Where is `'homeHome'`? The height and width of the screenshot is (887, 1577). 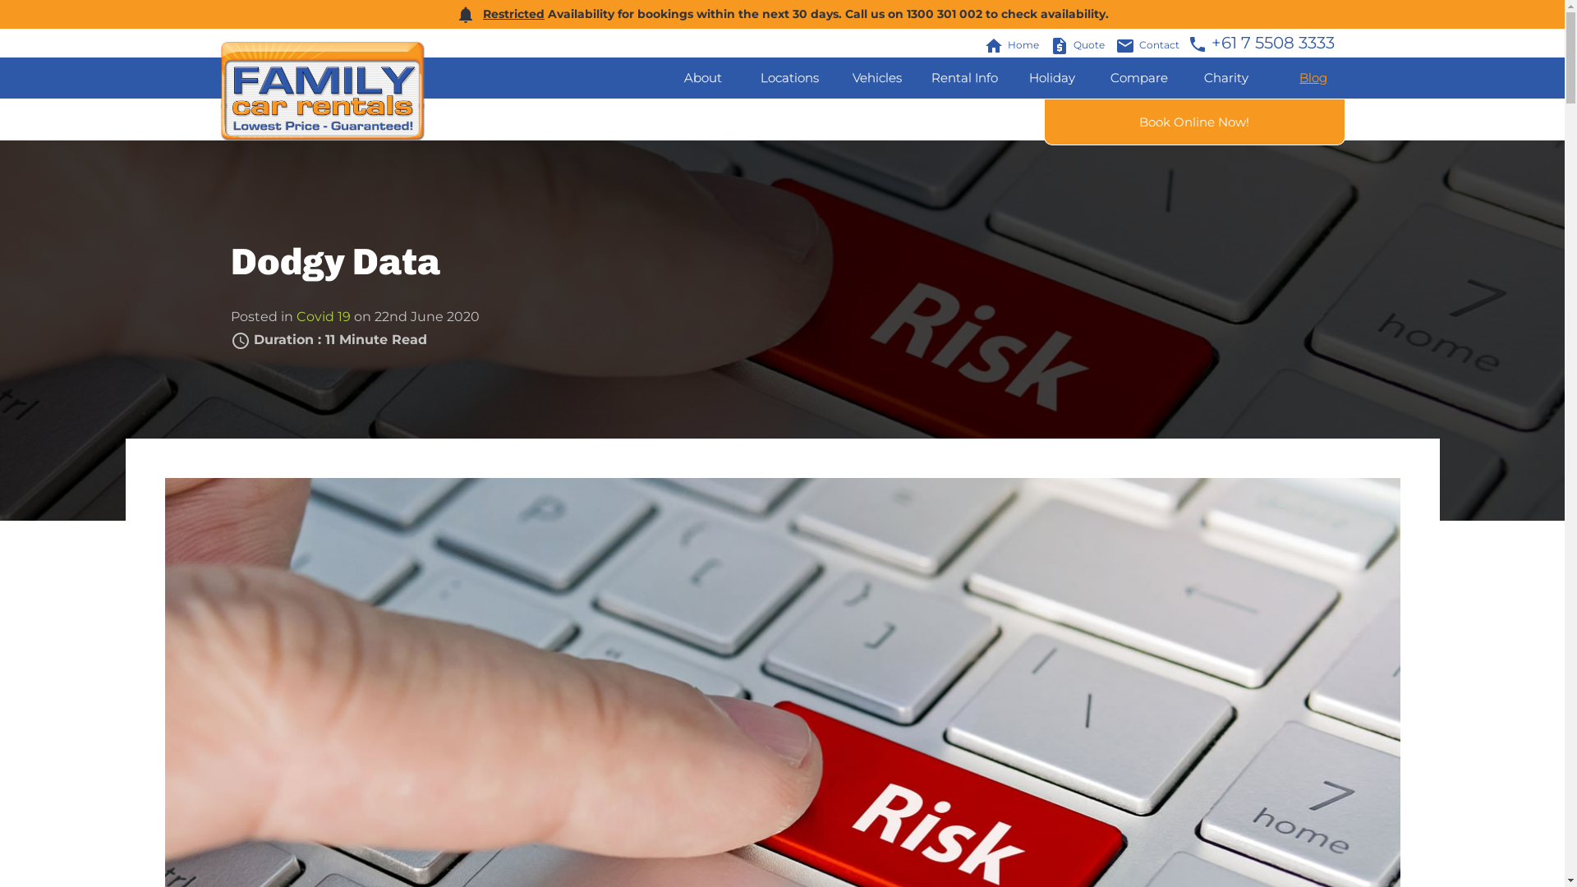
'homeHome' is located at coordinates (1014, 44).